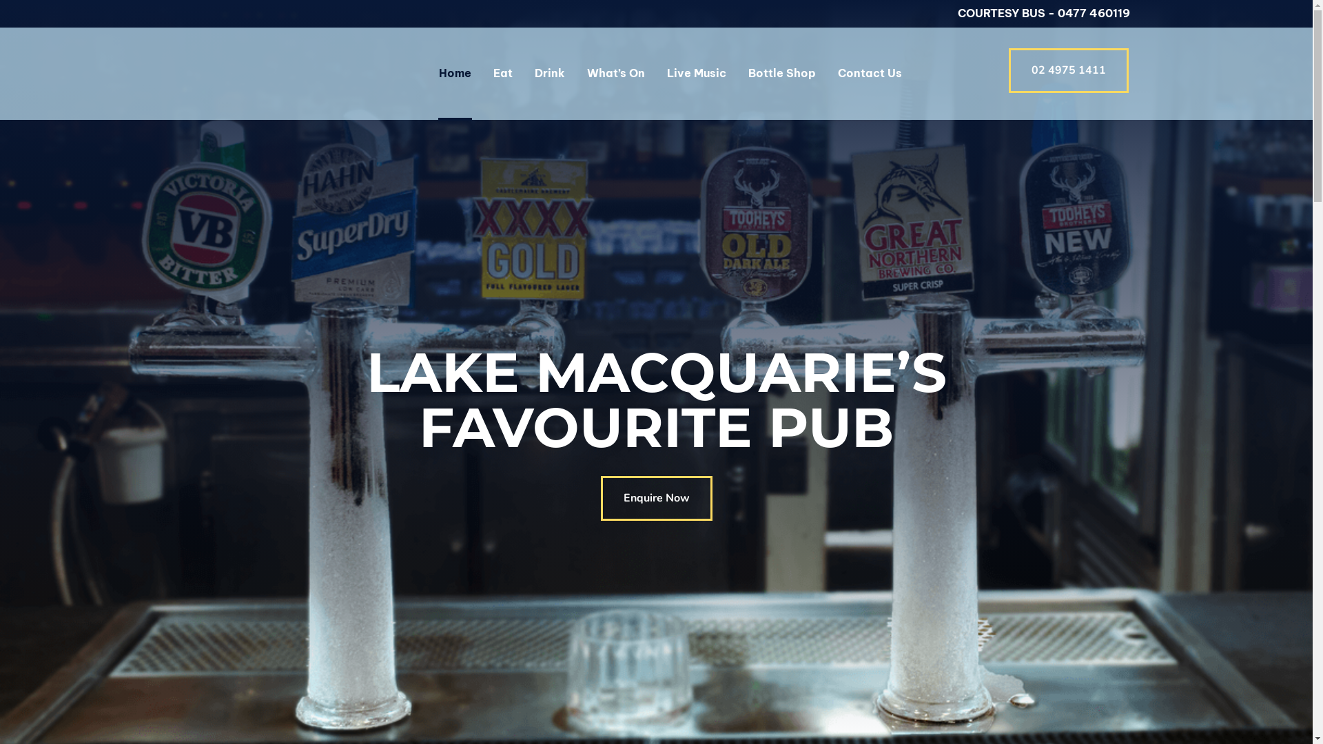 The height and width of the screenshot is (744, 1323). I want to click on 'COURTESY BUS - 0477 460119', so click(1044, 13).